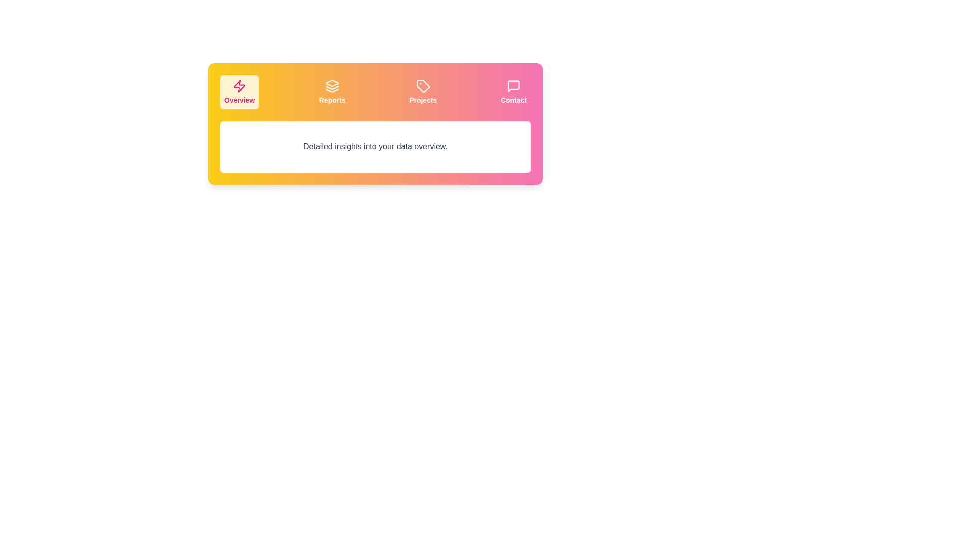  I want to click on the representation of the lightning bolt-shaped SVG icon, which is styled in bold pink color and located in the top-left corner of the horizontal menu bar, above the 'Overview' label, so click(239, 86).